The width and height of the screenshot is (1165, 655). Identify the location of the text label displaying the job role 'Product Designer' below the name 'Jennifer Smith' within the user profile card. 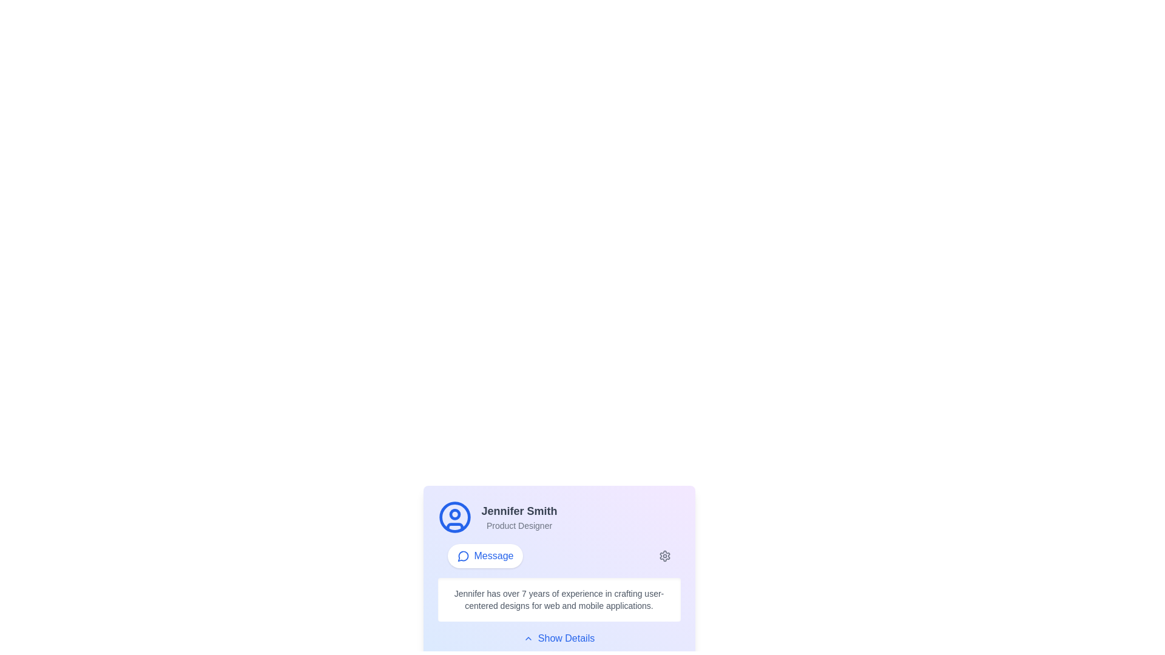
(519, 525).